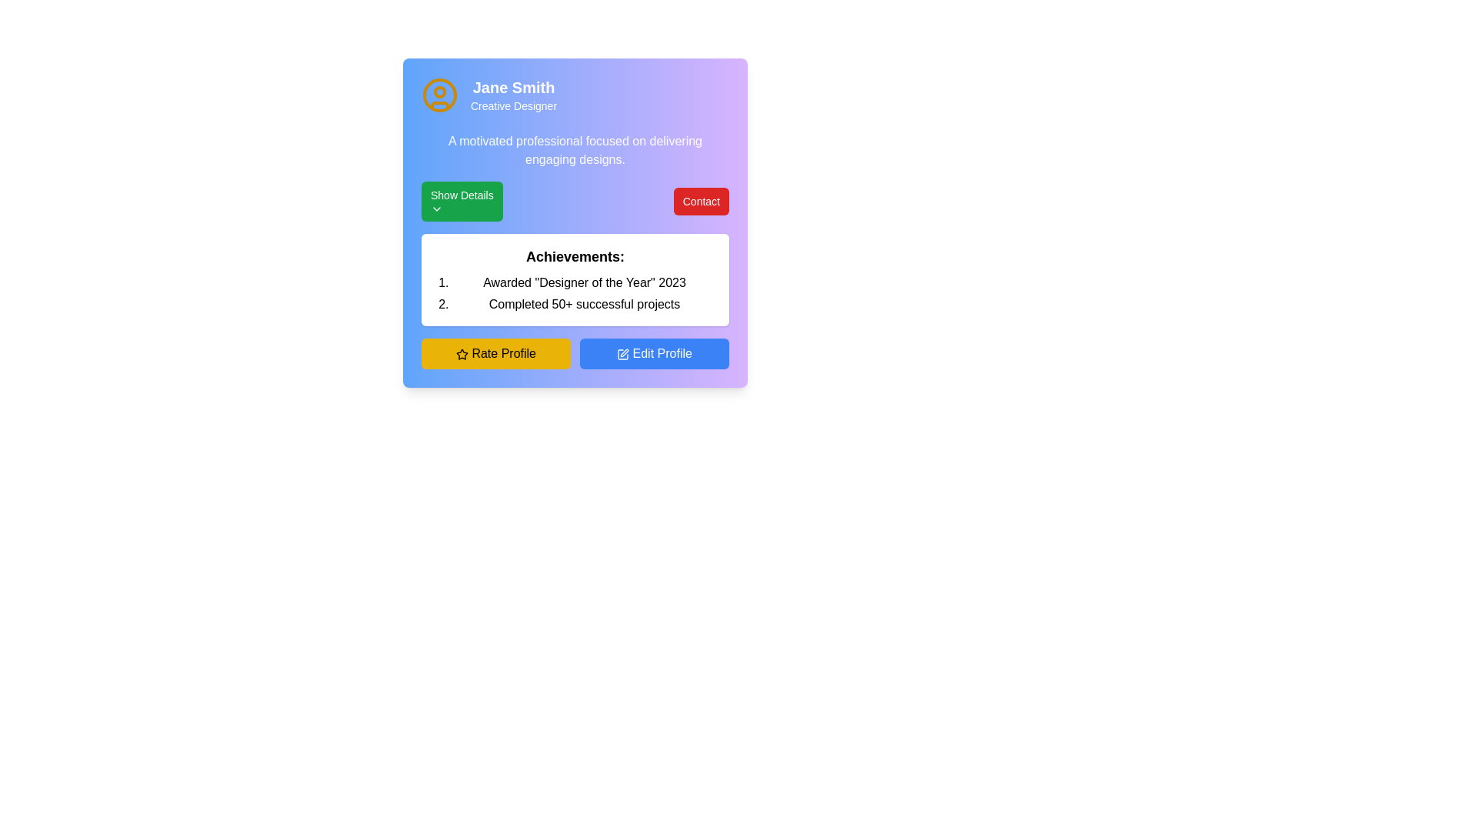 Image resolution: width=1477 pixels, height=831 pixels. What do you see at coordinates (583, 305) in the screenshot?
I see `text label displaying the statement of accomplishment for over fifty successful projects, located under the 'Achievements' header, specifically below 'Awarded "Designer of the Year" 2023'` at bounding box center [583, 305].